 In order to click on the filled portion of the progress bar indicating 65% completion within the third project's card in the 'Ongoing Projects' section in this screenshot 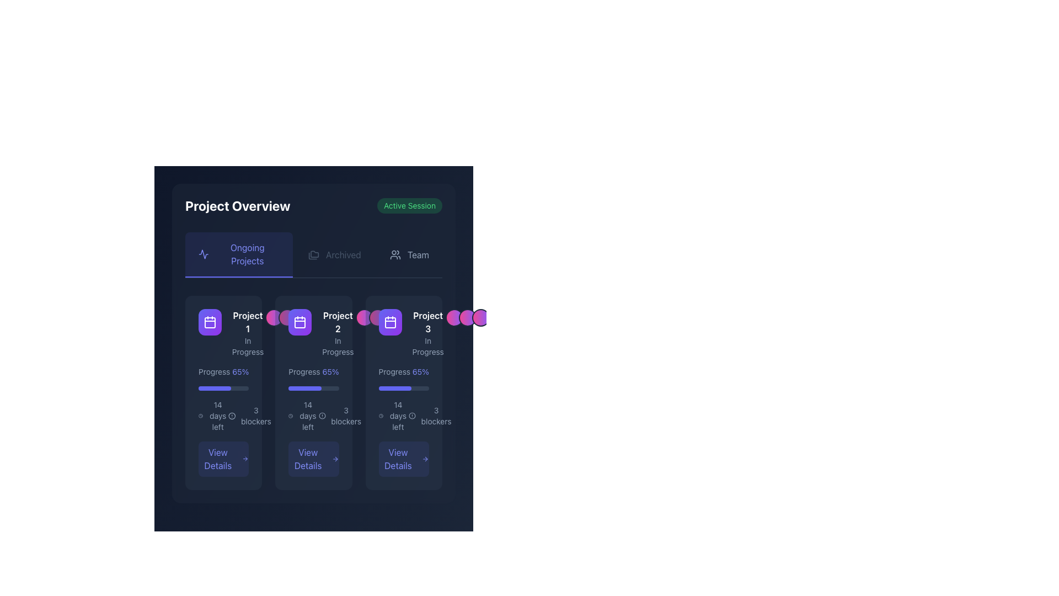, I will do `click(395, 388)`.